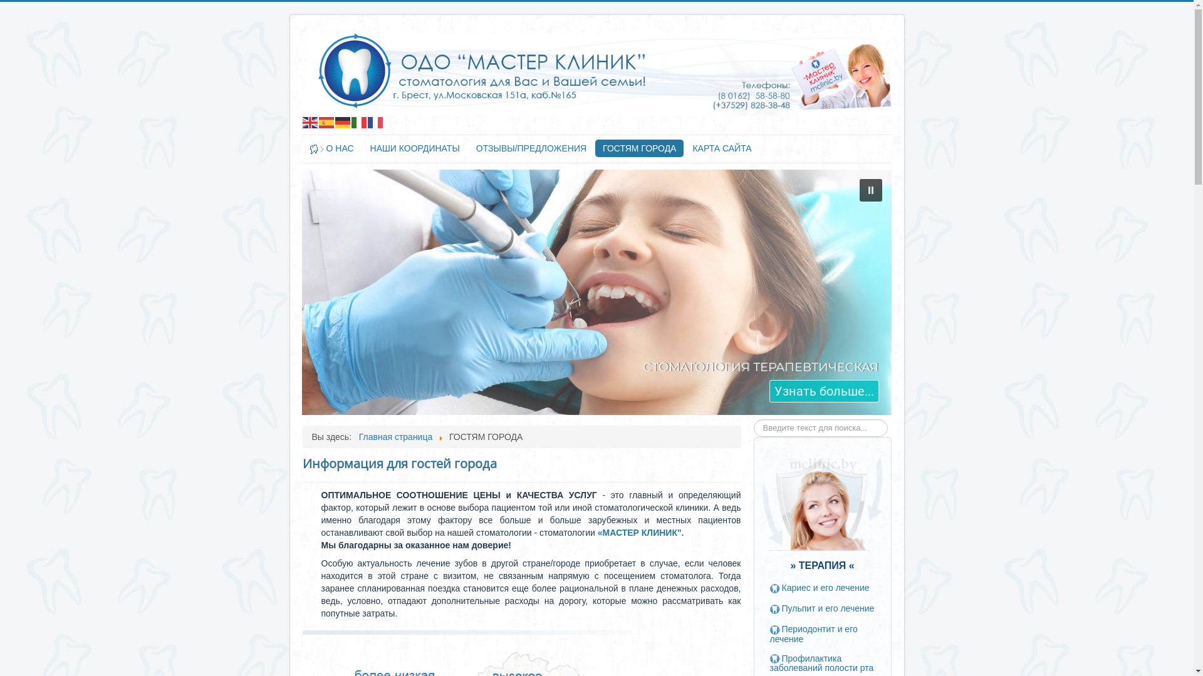 The image size is (1203, 676). Describe the element at coordinates (358, 122) in the screenshot. I see `'Italiano'` at that location.